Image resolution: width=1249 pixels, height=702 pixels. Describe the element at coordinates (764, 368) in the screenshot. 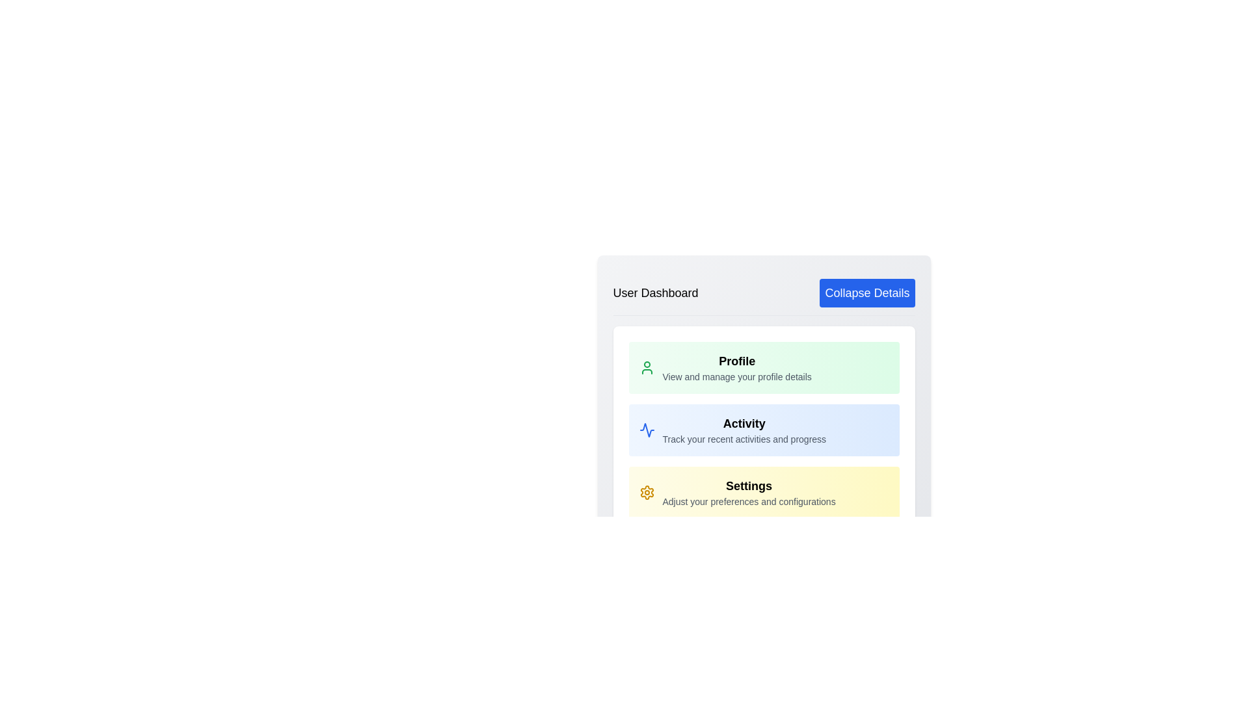

I see `the first card in the vertical stack that displays profile-related details` at that location.